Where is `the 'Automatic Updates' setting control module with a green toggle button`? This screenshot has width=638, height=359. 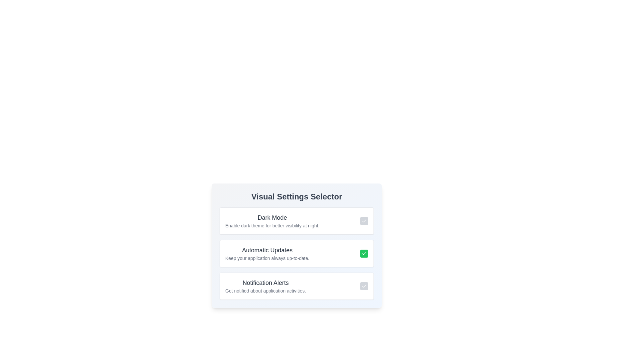
the 'Automatic Updates' setting control module with a green toggle button is located at coordinates (296, 254).